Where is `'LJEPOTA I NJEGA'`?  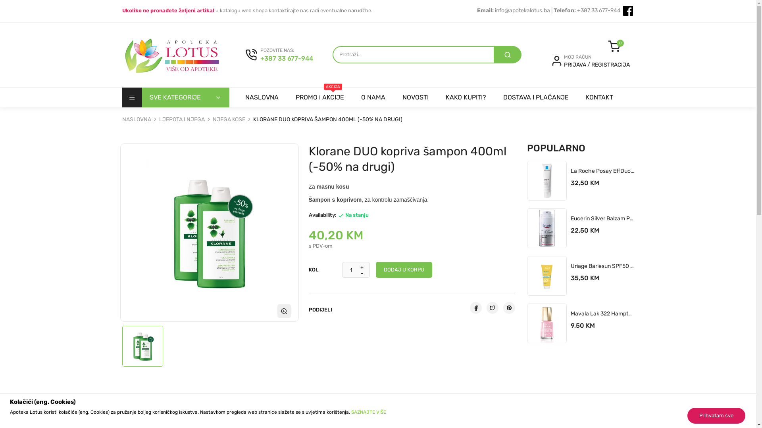 'LJEPOTA I NJEGA' is located at coordinates (158, 119).